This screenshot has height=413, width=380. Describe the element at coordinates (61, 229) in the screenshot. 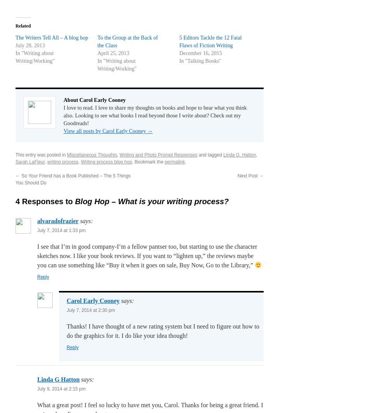

I see `'July 7, 2014 at 1:33 pm'` at that location.